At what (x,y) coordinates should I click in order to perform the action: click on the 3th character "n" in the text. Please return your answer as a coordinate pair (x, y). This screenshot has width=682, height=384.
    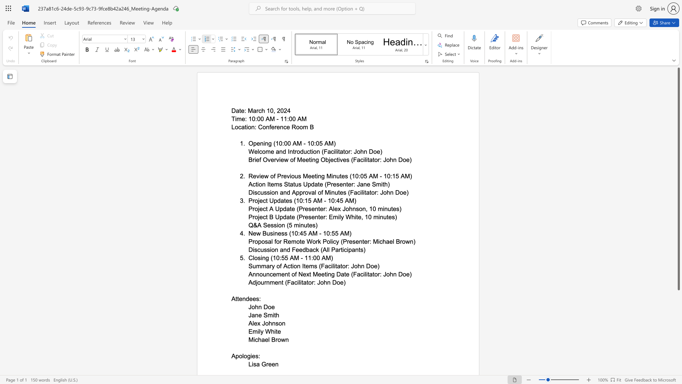
    Looking at the image, I should click on (332, 192).